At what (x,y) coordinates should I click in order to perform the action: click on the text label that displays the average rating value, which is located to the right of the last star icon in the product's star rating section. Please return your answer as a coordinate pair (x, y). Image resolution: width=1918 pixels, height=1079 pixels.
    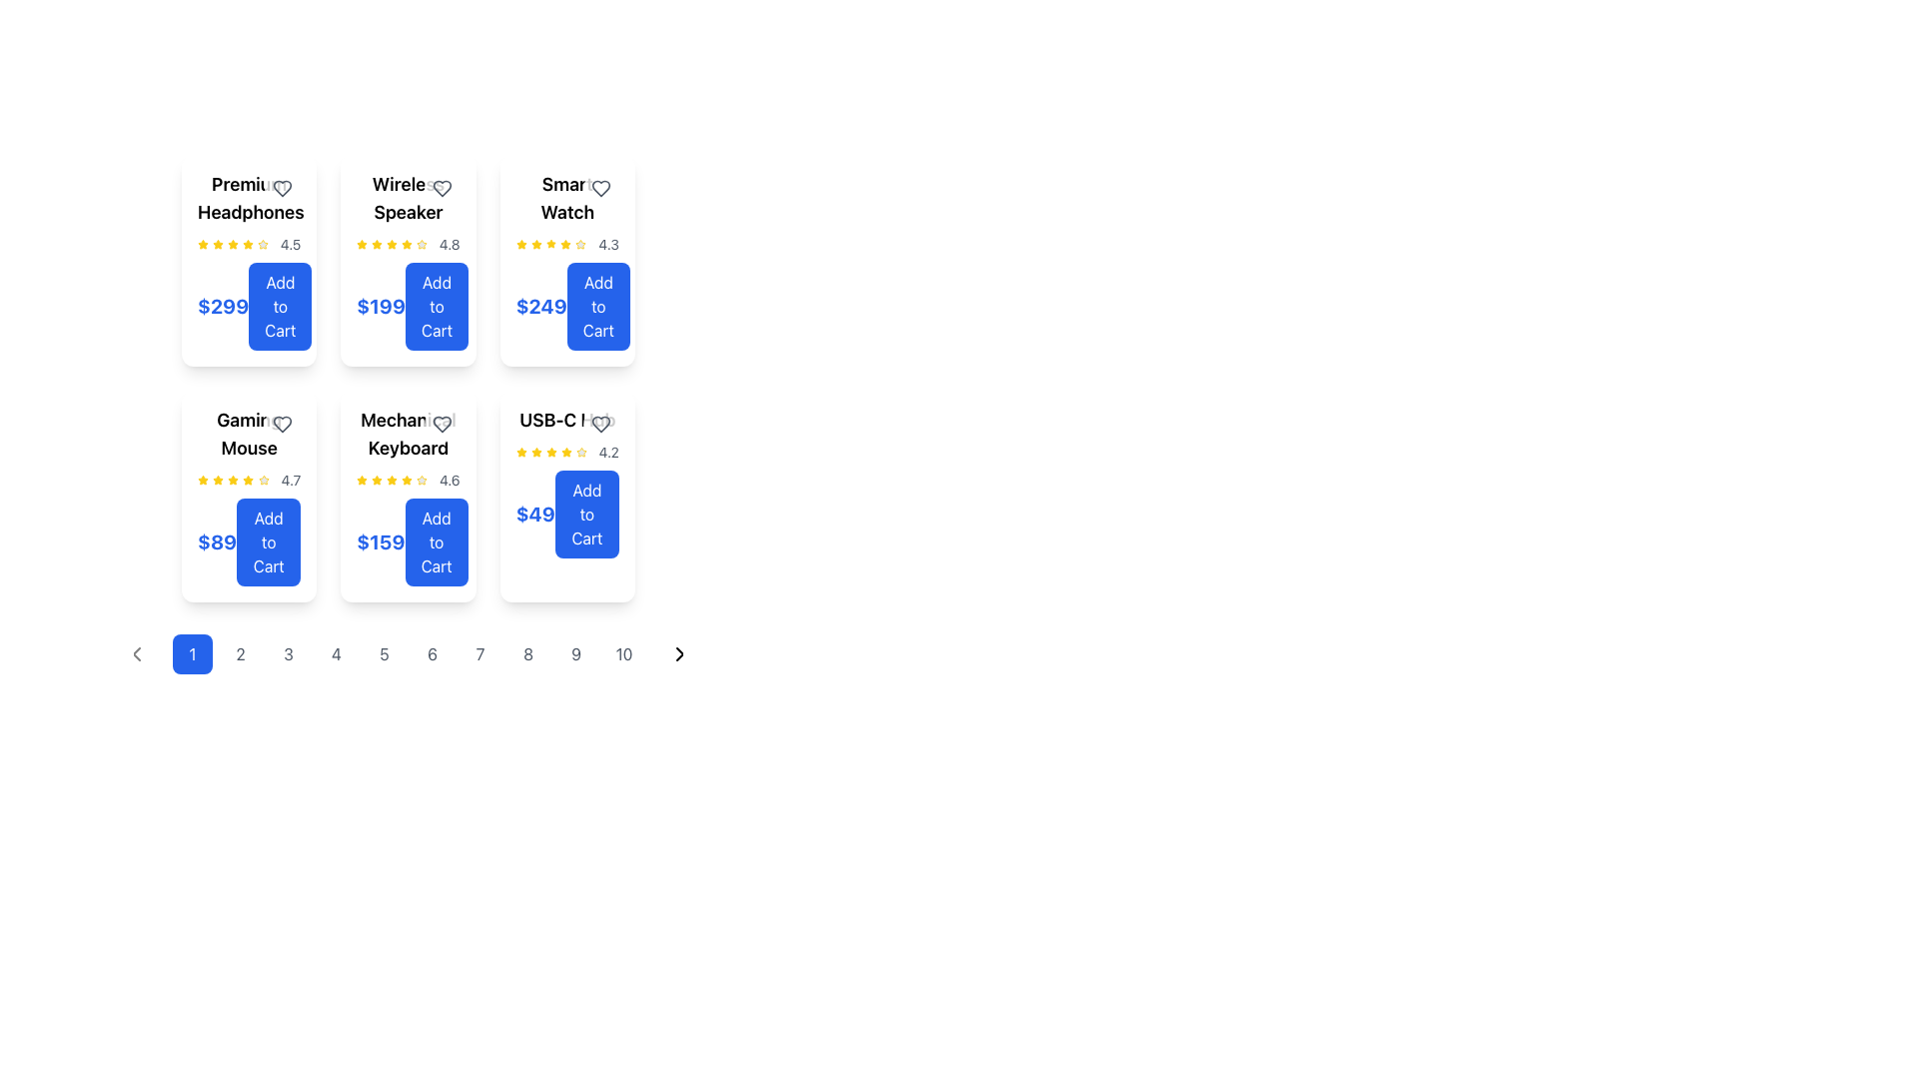
    Looking at the image, I should click on (607, 452).